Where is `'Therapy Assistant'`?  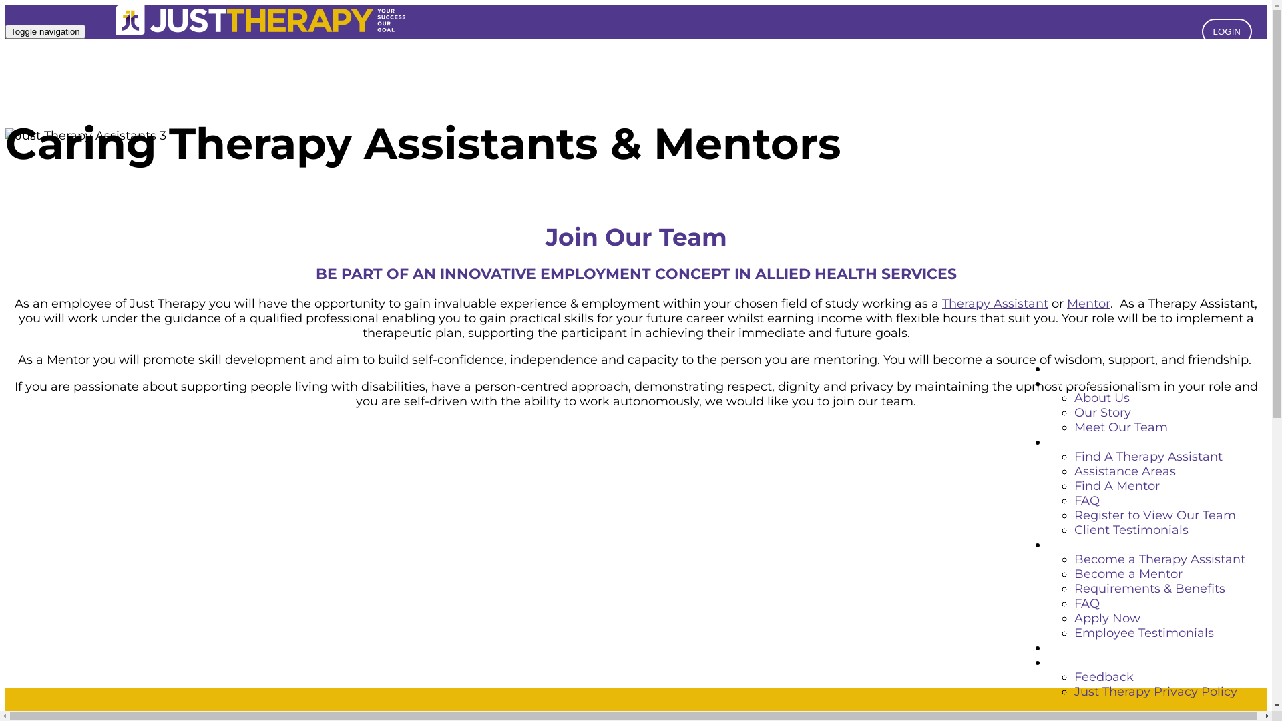
'Therapy Assistant' is located at coordinates (995, 304).